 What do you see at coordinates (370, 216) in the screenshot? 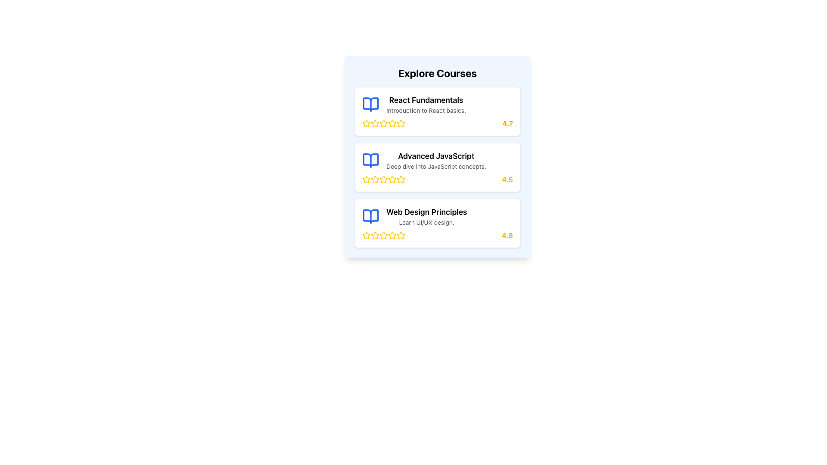
I see `the book icon with a blue outline, which is located to the left of the 'Web Design Principles' title in the course card layout` at bounding box center [370, 216].